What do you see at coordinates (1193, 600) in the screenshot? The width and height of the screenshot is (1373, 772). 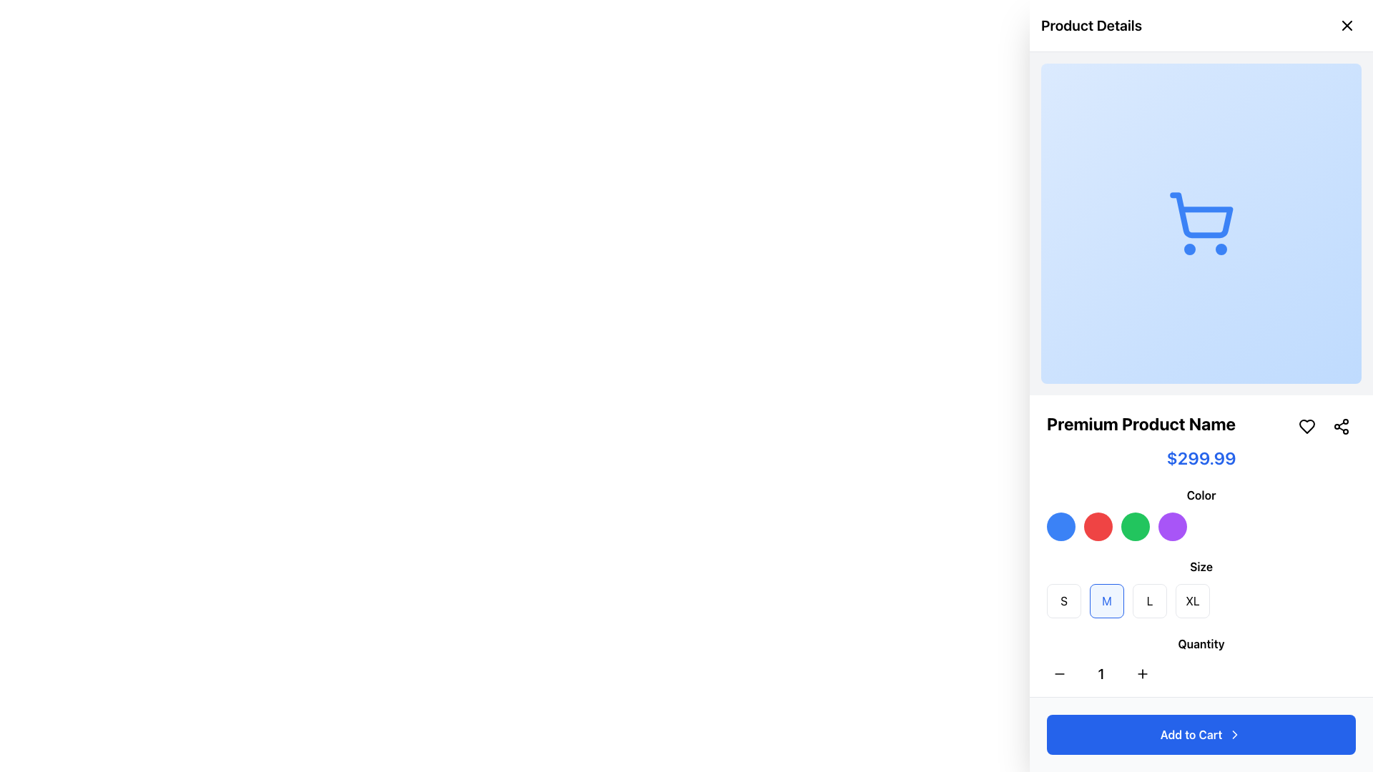 I see `the 'XL' size selection button, which is the fourth button in a horizontal set of size-selection buttons labeled 'S', 'M', 'L', and 'XL'. This button is a medium-sized square with rounded corners and displays 'XL' in the center` at bounding box center [1193, 600].